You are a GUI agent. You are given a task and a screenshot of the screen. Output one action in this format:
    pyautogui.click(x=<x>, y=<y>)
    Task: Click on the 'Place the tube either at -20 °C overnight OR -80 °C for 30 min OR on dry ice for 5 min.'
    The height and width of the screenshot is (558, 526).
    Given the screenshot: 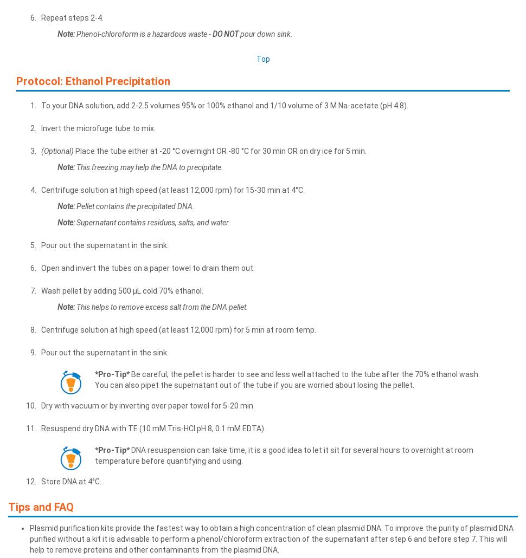 What is the action you would take?
    pyautogui.click(x=220, y=150)
    